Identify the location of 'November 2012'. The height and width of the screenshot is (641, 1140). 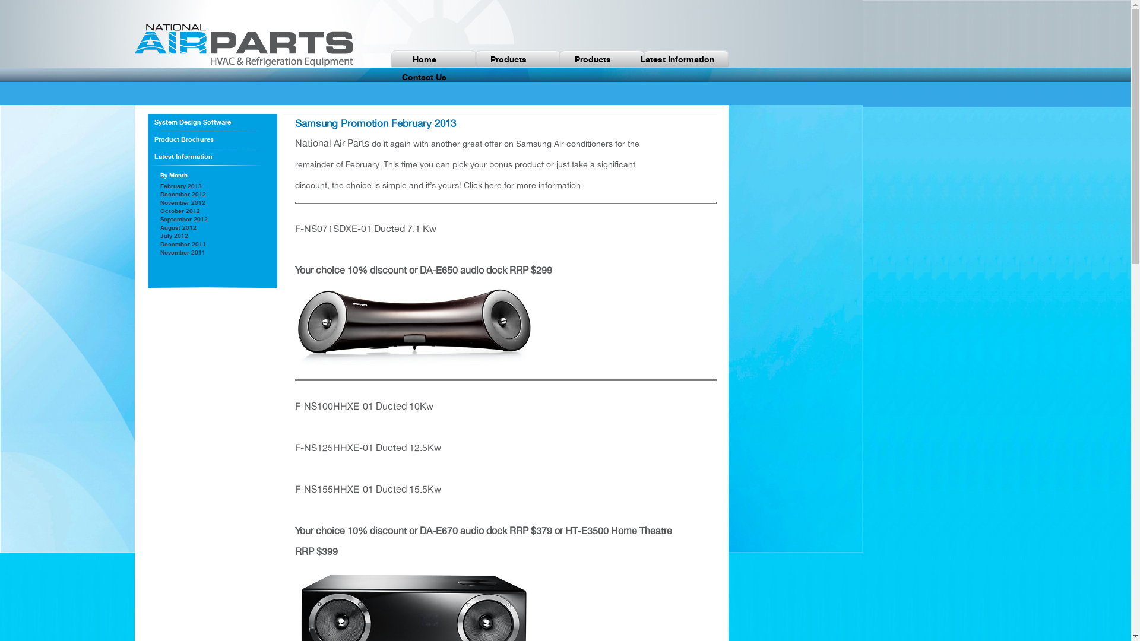
(182, 201).